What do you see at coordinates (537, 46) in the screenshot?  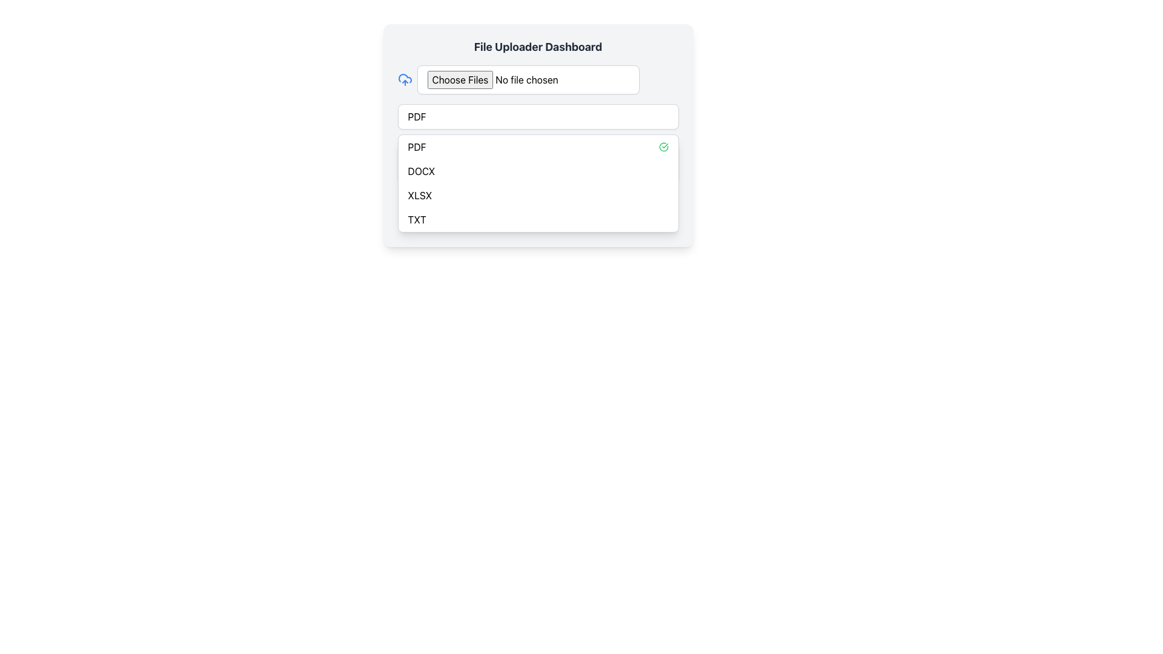 I see `the Header Label of the 'File Uploader Dashboard' section, which is a static label providing context to the user about the interface below` at bounding box center [537, 46].